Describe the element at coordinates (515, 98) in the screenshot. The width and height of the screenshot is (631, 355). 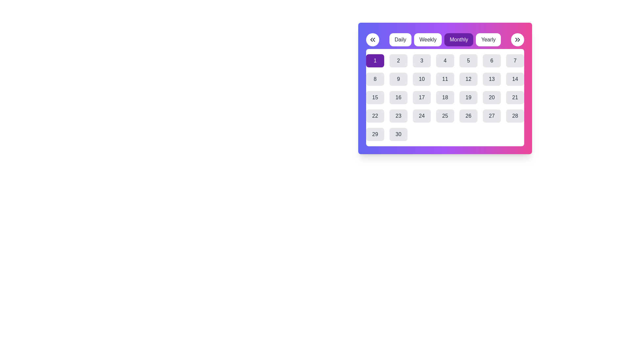
I see `the button representing the date '21' in the calendar interface` at that location.